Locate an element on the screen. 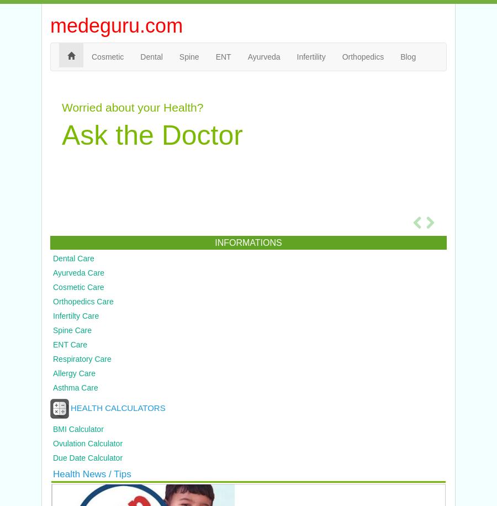 The height and width of the screenshot is (506, 497). 'Allergy Care' is located at coordinates (74, 373).